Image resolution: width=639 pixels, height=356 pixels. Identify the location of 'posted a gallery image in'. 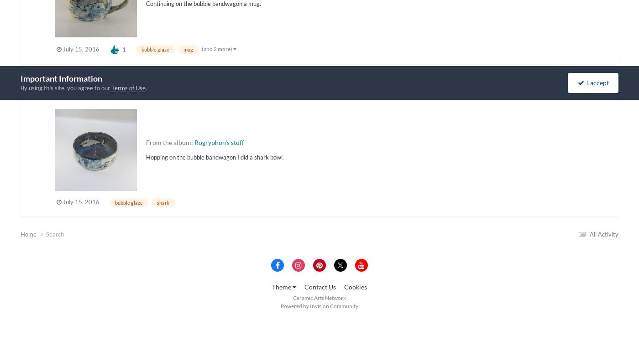
(124, 93).